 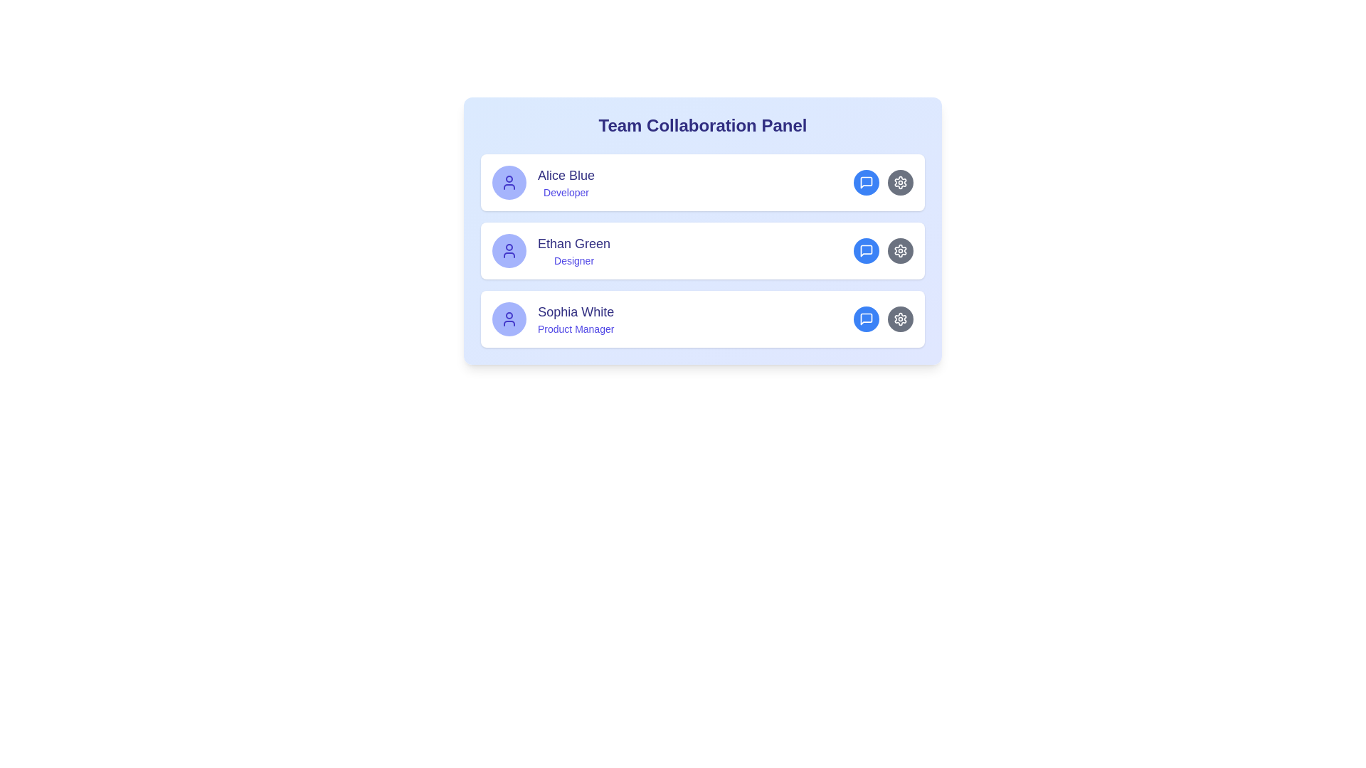 I want to click on the blue message square icon in the 'Sophia White' user card, so click(x=866, y=318).